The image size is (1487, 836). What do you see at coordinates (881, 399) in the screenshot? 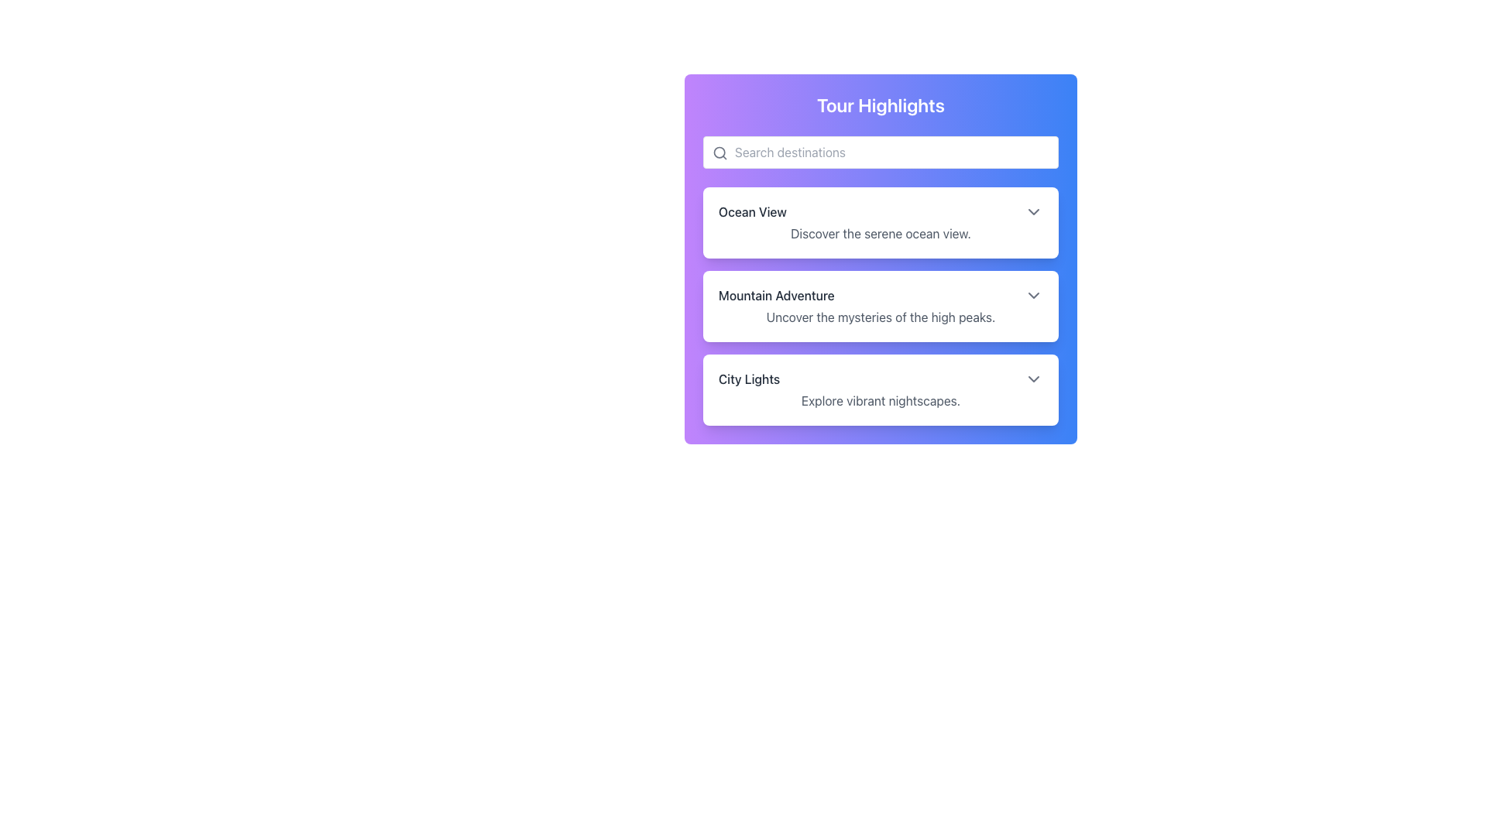
I see `the descriptive subtext element providing additional details for the 'City Lights' card, located directly below the title text and horizontally centered within the card` at bounding box center [881, 399].